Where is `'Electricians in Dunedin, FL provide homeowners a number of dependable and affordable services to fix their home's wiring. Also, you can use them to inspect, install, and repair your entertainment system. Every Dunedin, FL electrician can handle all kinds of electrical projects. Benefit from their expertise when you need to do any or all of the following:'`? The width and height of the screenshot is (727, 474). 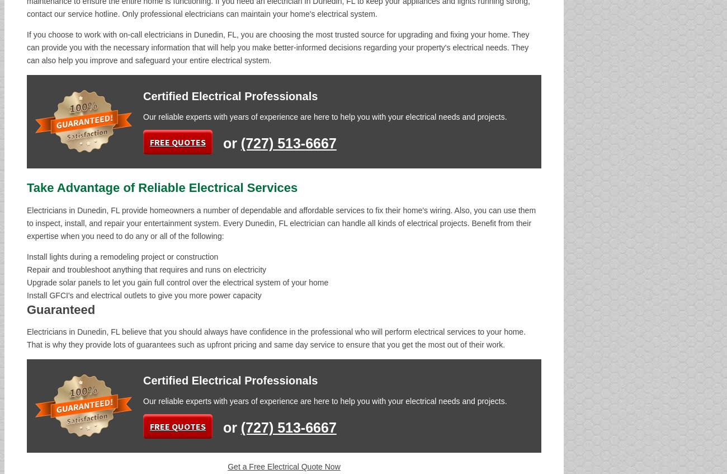 'Electricians in Dunedin, FL provide homeowners a number of dependable and affordable services to fix their home's wiring. Also, you can use them to inspect, install, and repair your entertainment system. Every Dunedin, FL electrician can handle all kinds of electrical projects. Benefit from their expertise when you need to do any or all of the following:' is located at coordinates (281, 223).